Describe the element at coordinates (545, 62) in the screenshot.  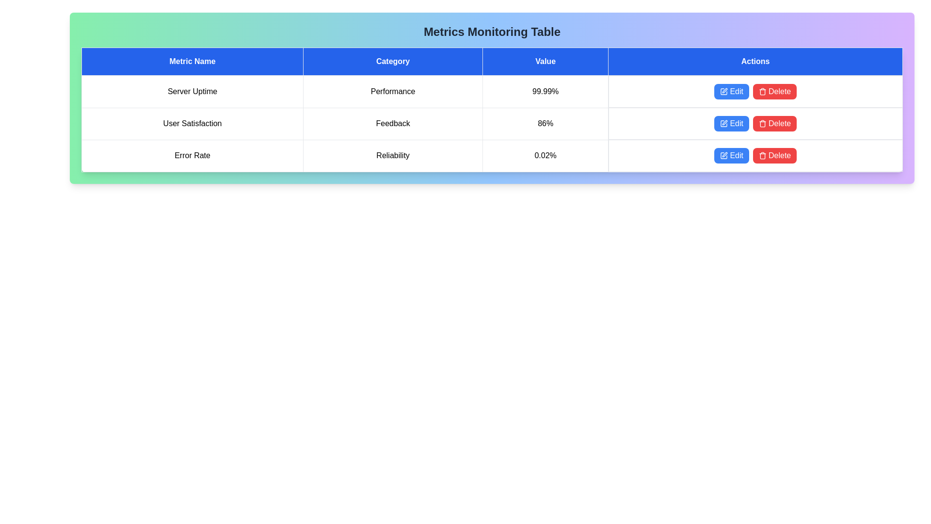
I see `the table header Value to sort or interact with it` at that location.